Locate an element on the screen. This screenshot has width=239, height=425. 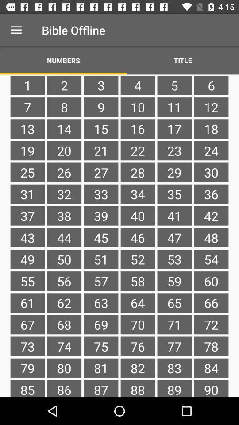
69 item is located at coordinates (100, 324).